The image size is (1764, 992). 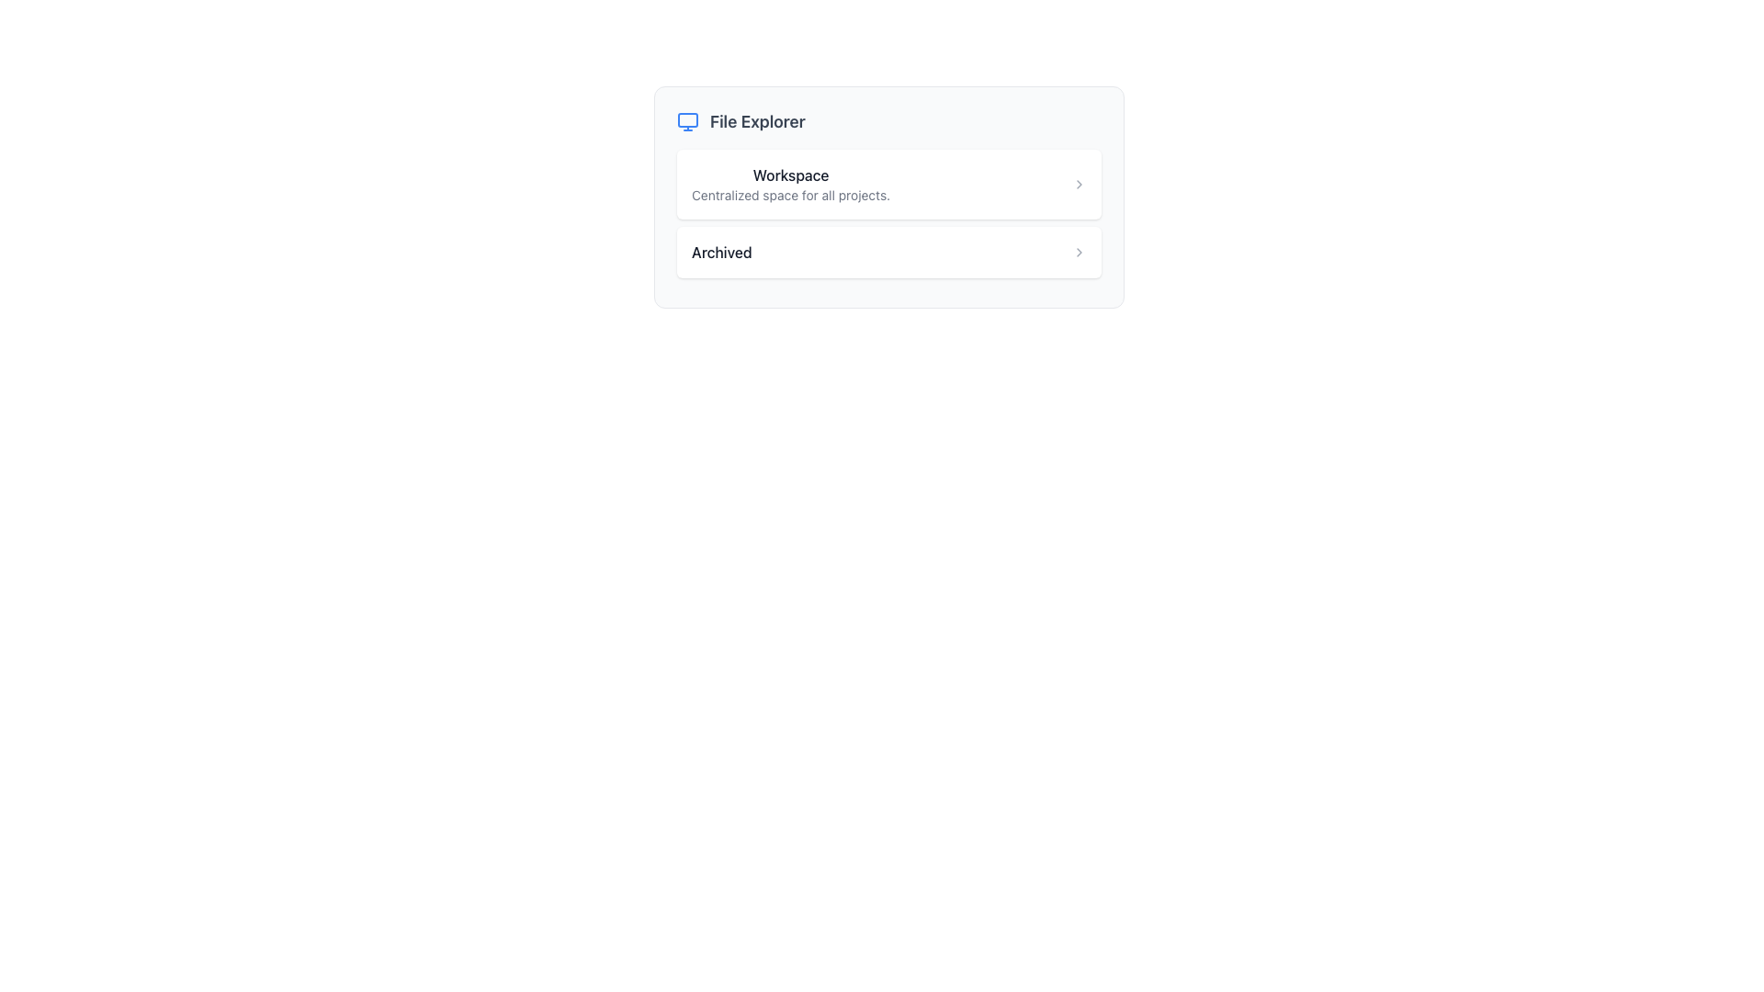 What do you see at coordinates (889, 258) in the screenshot?
I see `the 'Archived' projects button-like list item located below the 'Workspace' section within the card element` at bounding box center [889, 258].